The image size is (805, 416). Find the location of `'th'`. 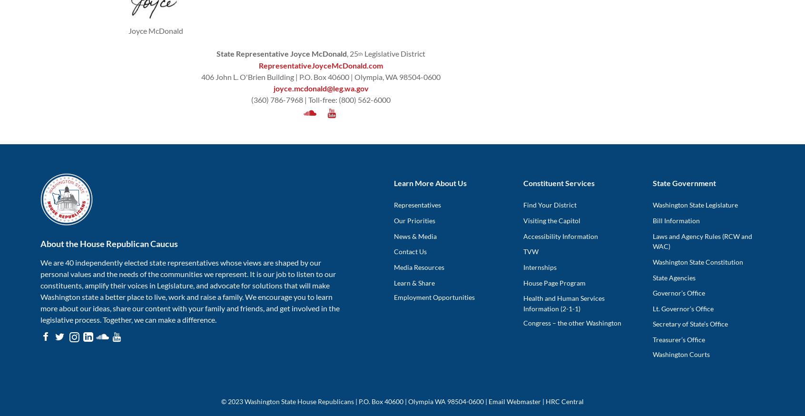

'th' is located at coordinates (360, 54).